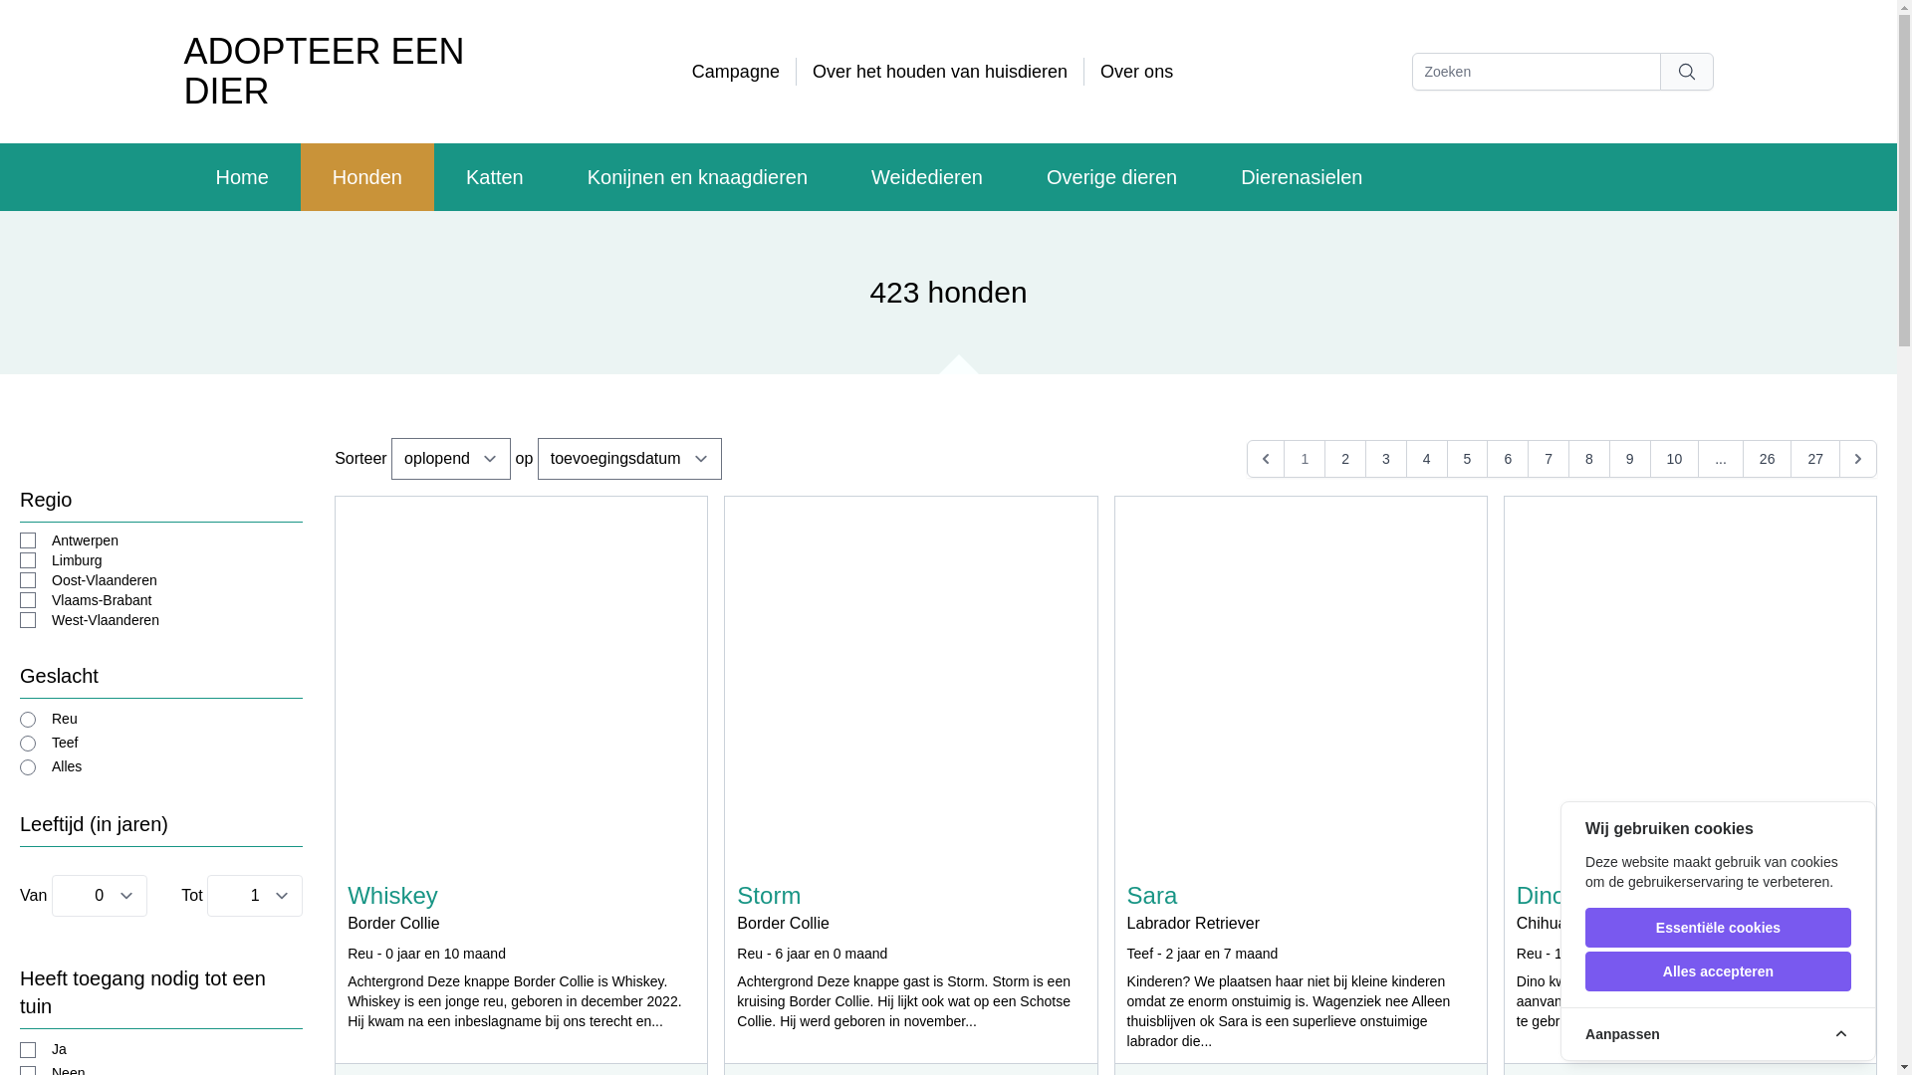 This screenshot has width=1912, height=1075. What do you see at coordinates (1486, 459) in the screenshot?
I see `'6'` at bounding box center [1486, 459].